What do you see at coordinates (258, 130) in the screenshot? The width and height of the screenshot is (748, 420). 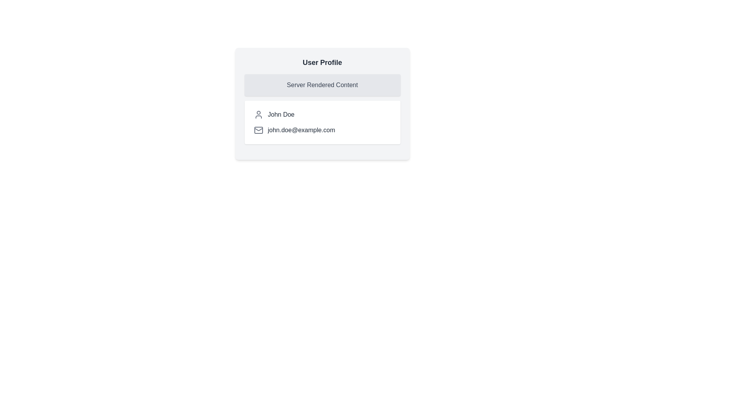 I see `the envelope icon representing email, which is located to the left of the email address 'john.doe@example.com'` at bounding box center [258, 130].